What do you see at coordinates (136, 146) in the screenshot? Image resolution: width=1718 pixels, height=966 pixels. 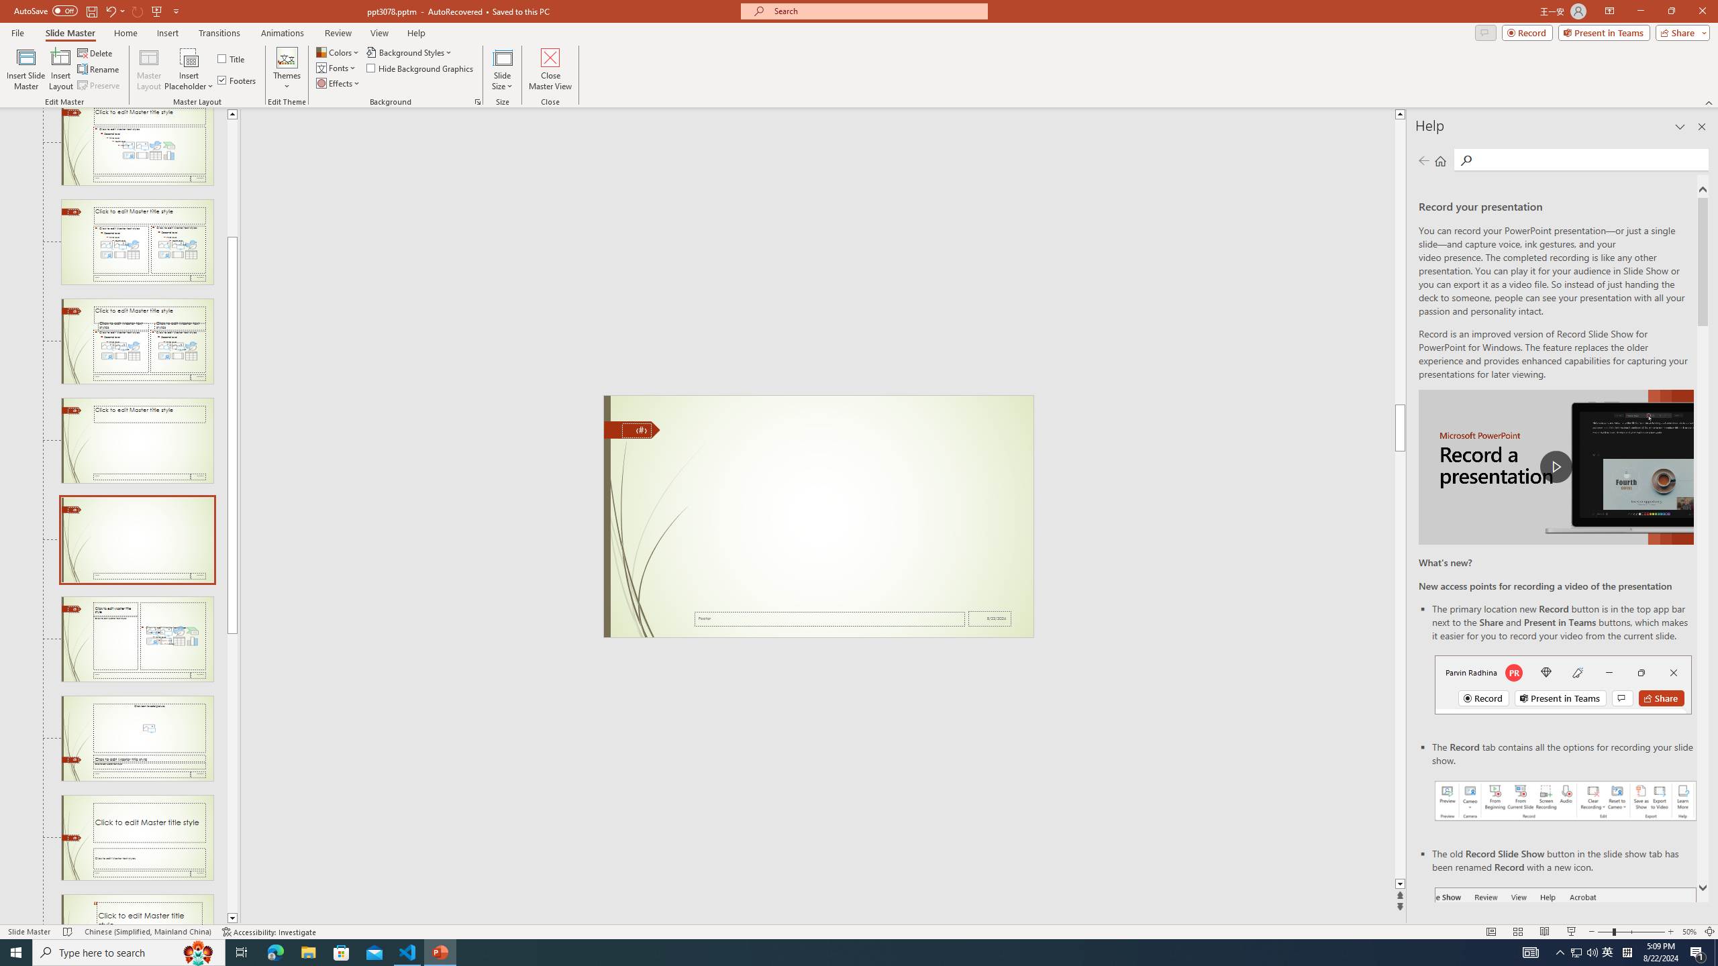 I see `'Slide Title and Content Layout: used by no slides'` at bounding box center [136, 146].